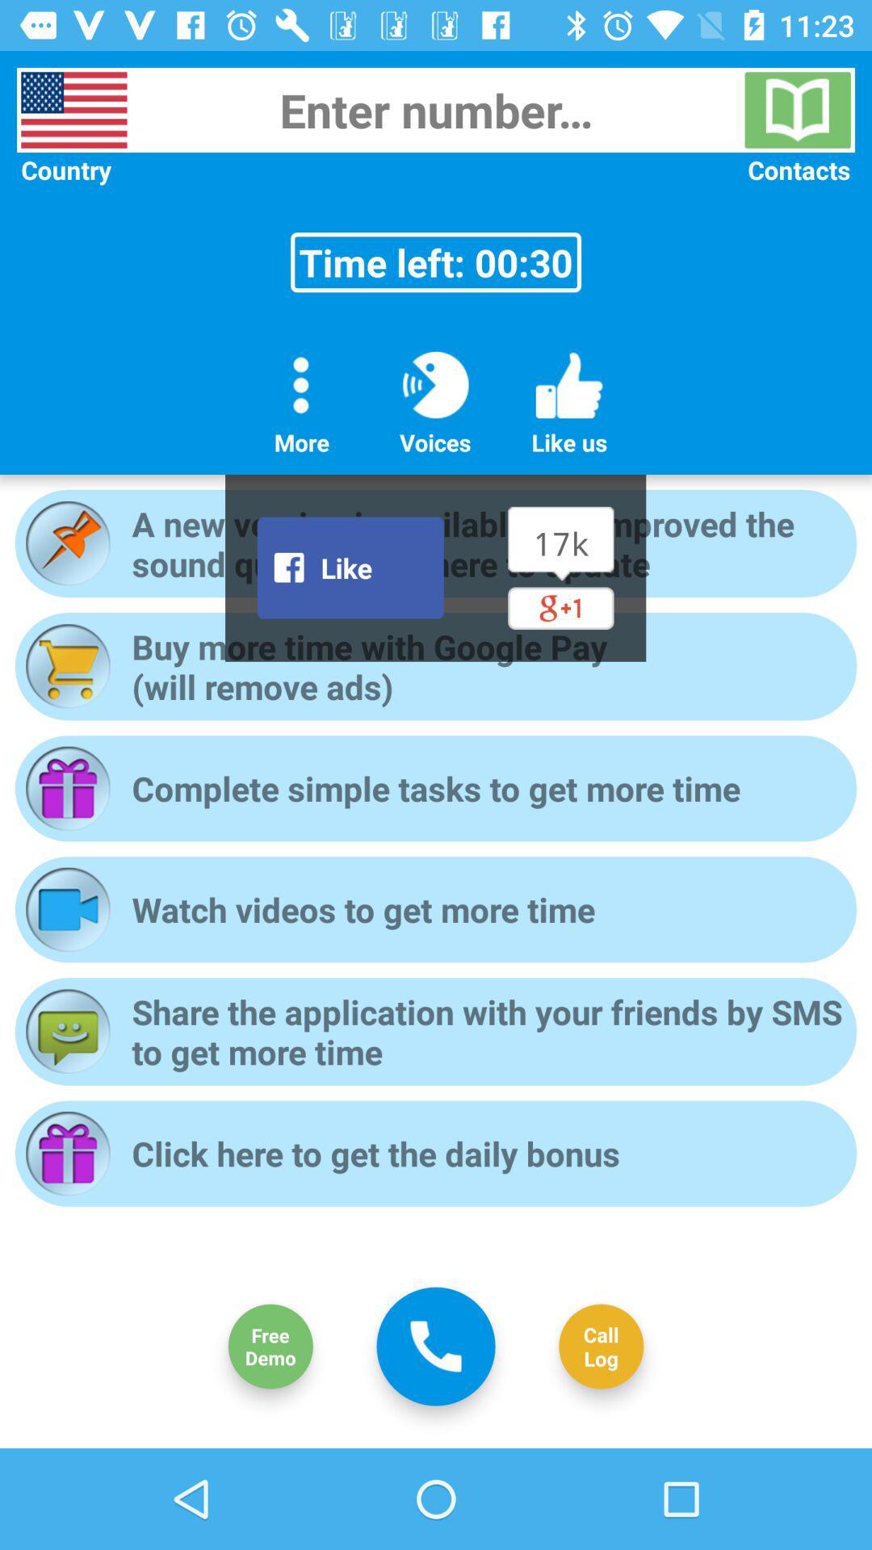  Describe the element at coordinates (270, 1347) in the screenshot. I see `the avatar icon` at that location.